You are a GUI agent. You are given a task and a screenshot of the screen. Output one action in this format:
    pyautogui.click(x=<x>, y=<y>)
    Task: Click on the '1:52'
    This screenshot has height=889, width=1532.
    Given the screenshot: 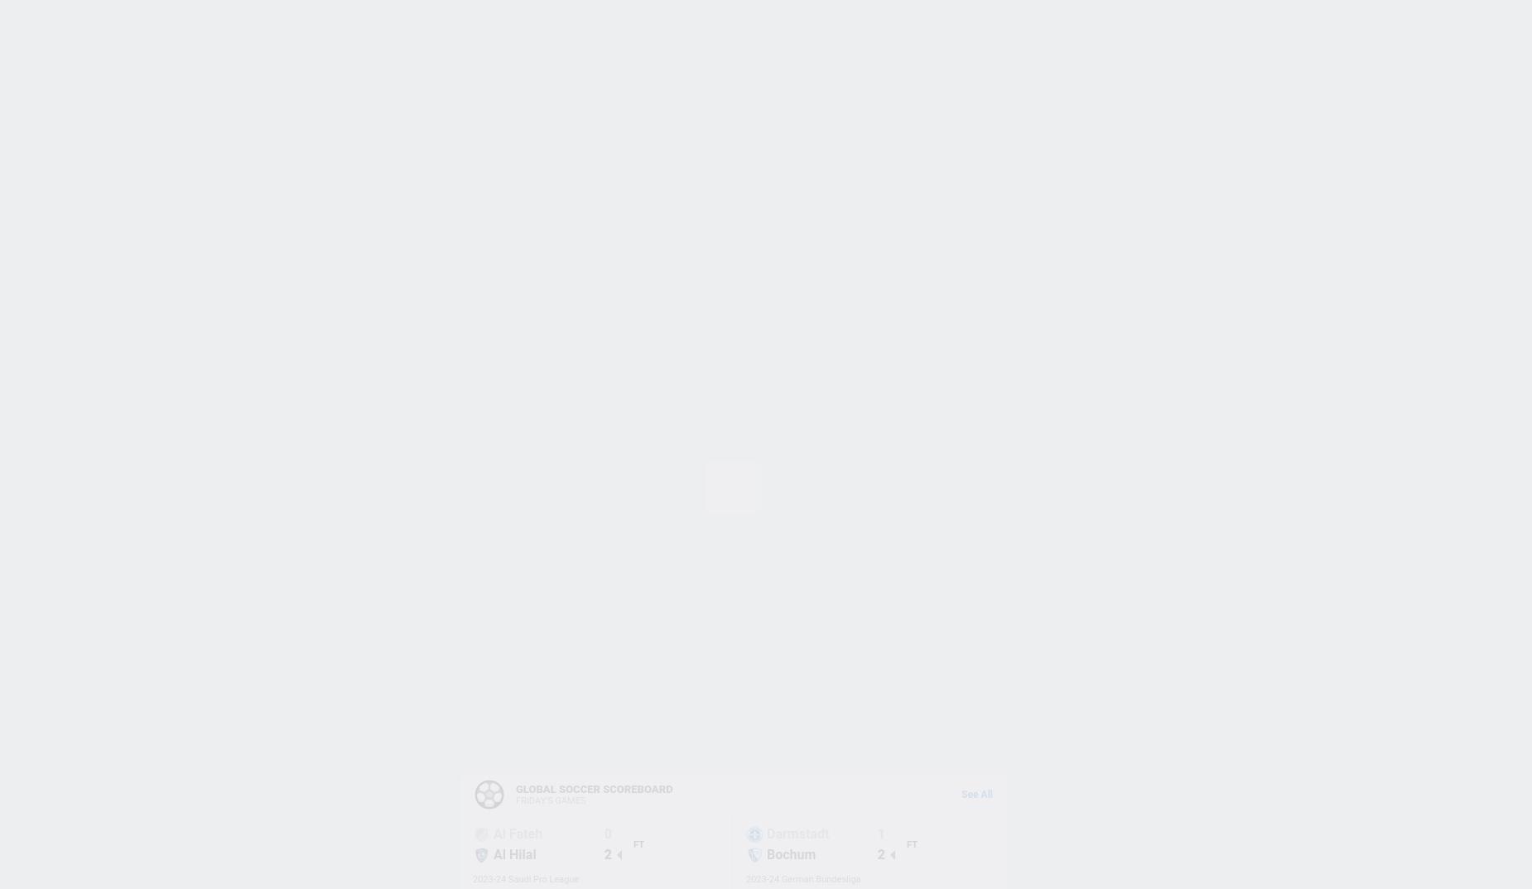 What is the action you would take?
    pyautogui.click(x=494, y=619)
    